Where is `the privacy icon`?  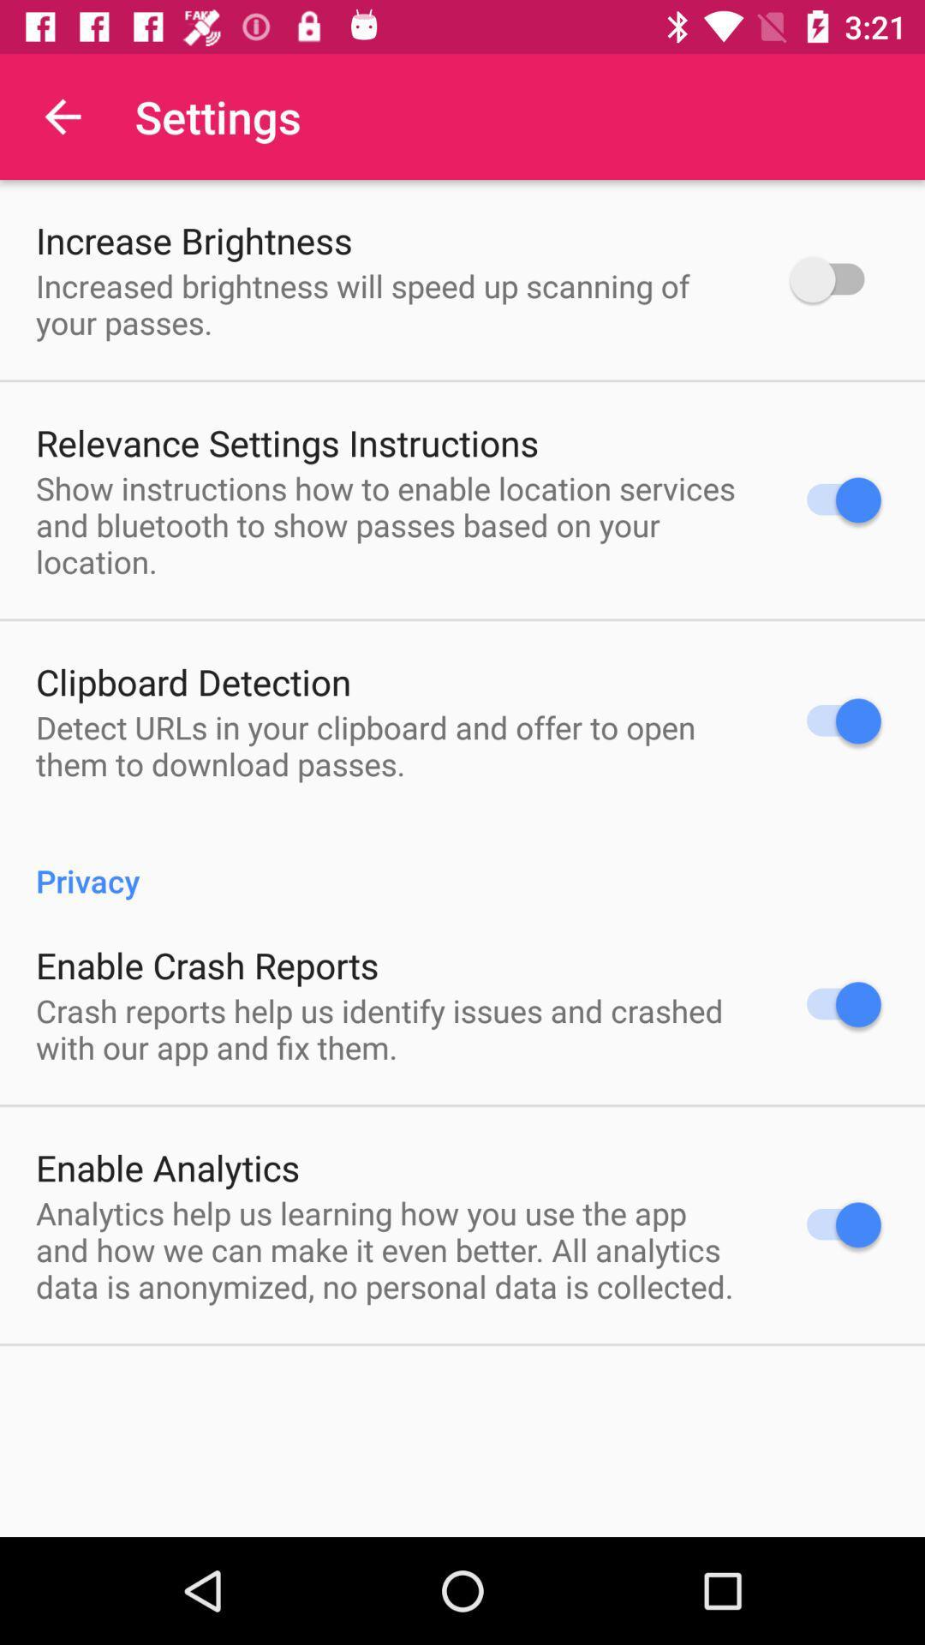 the privacy icon is located at coordinates (462, 863).